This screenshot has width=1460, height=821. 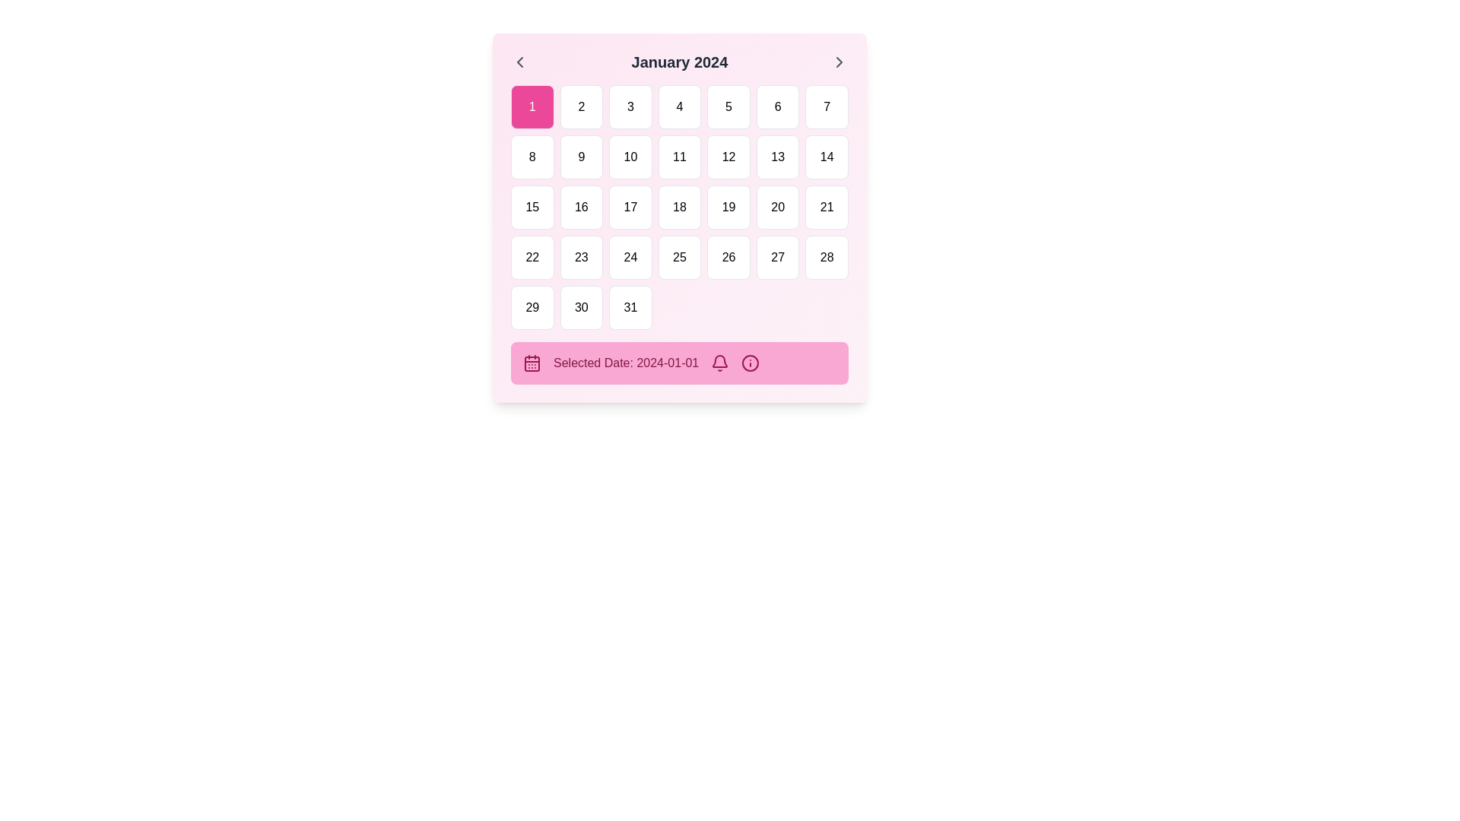 I want to click on the calendar cell displaying the number '7', so click(x=825, y=106).